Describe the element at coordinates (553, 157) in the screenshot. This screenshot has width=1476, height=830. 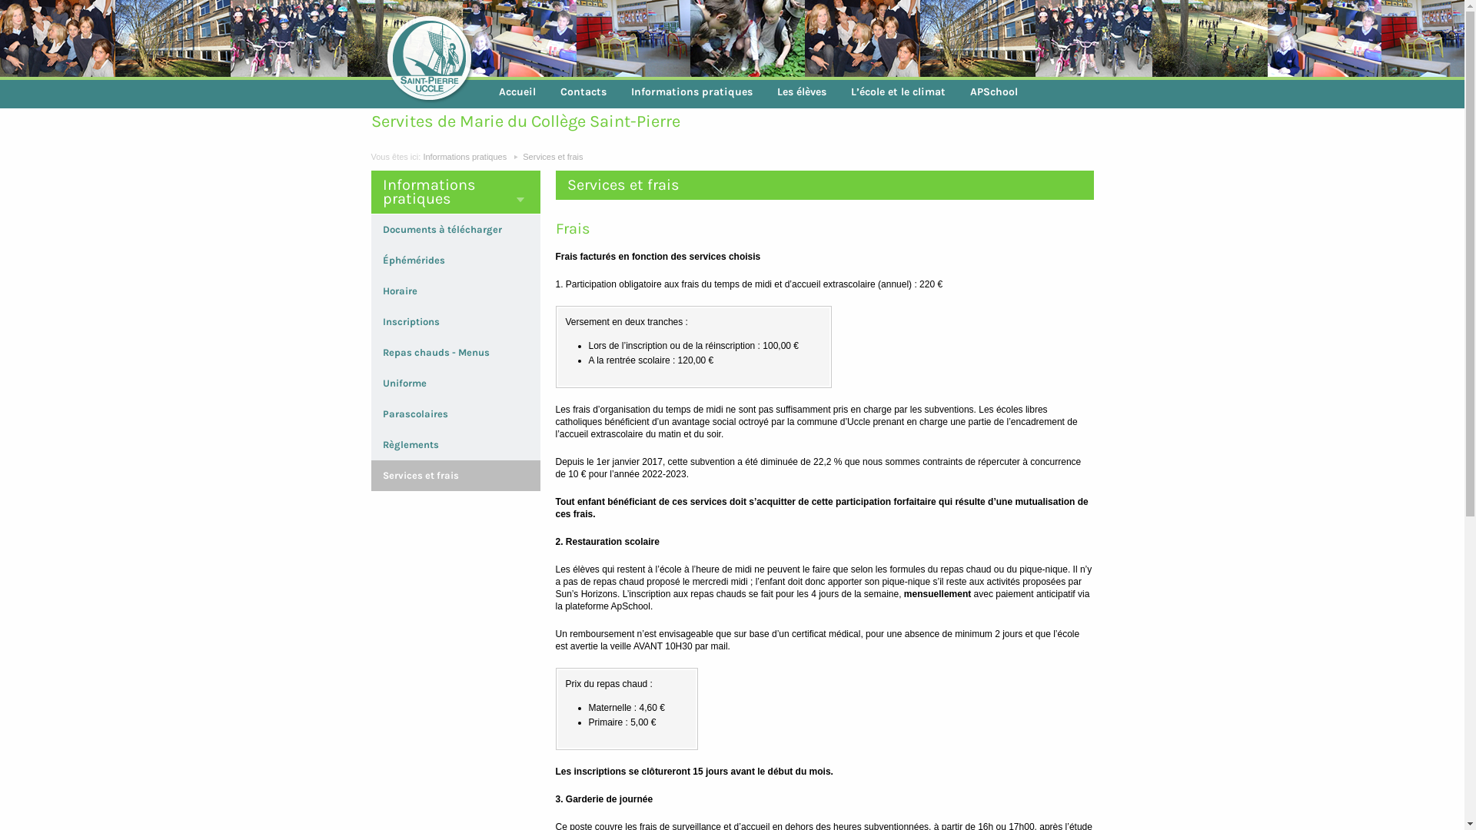
I see `'Services et frais'` at that location.